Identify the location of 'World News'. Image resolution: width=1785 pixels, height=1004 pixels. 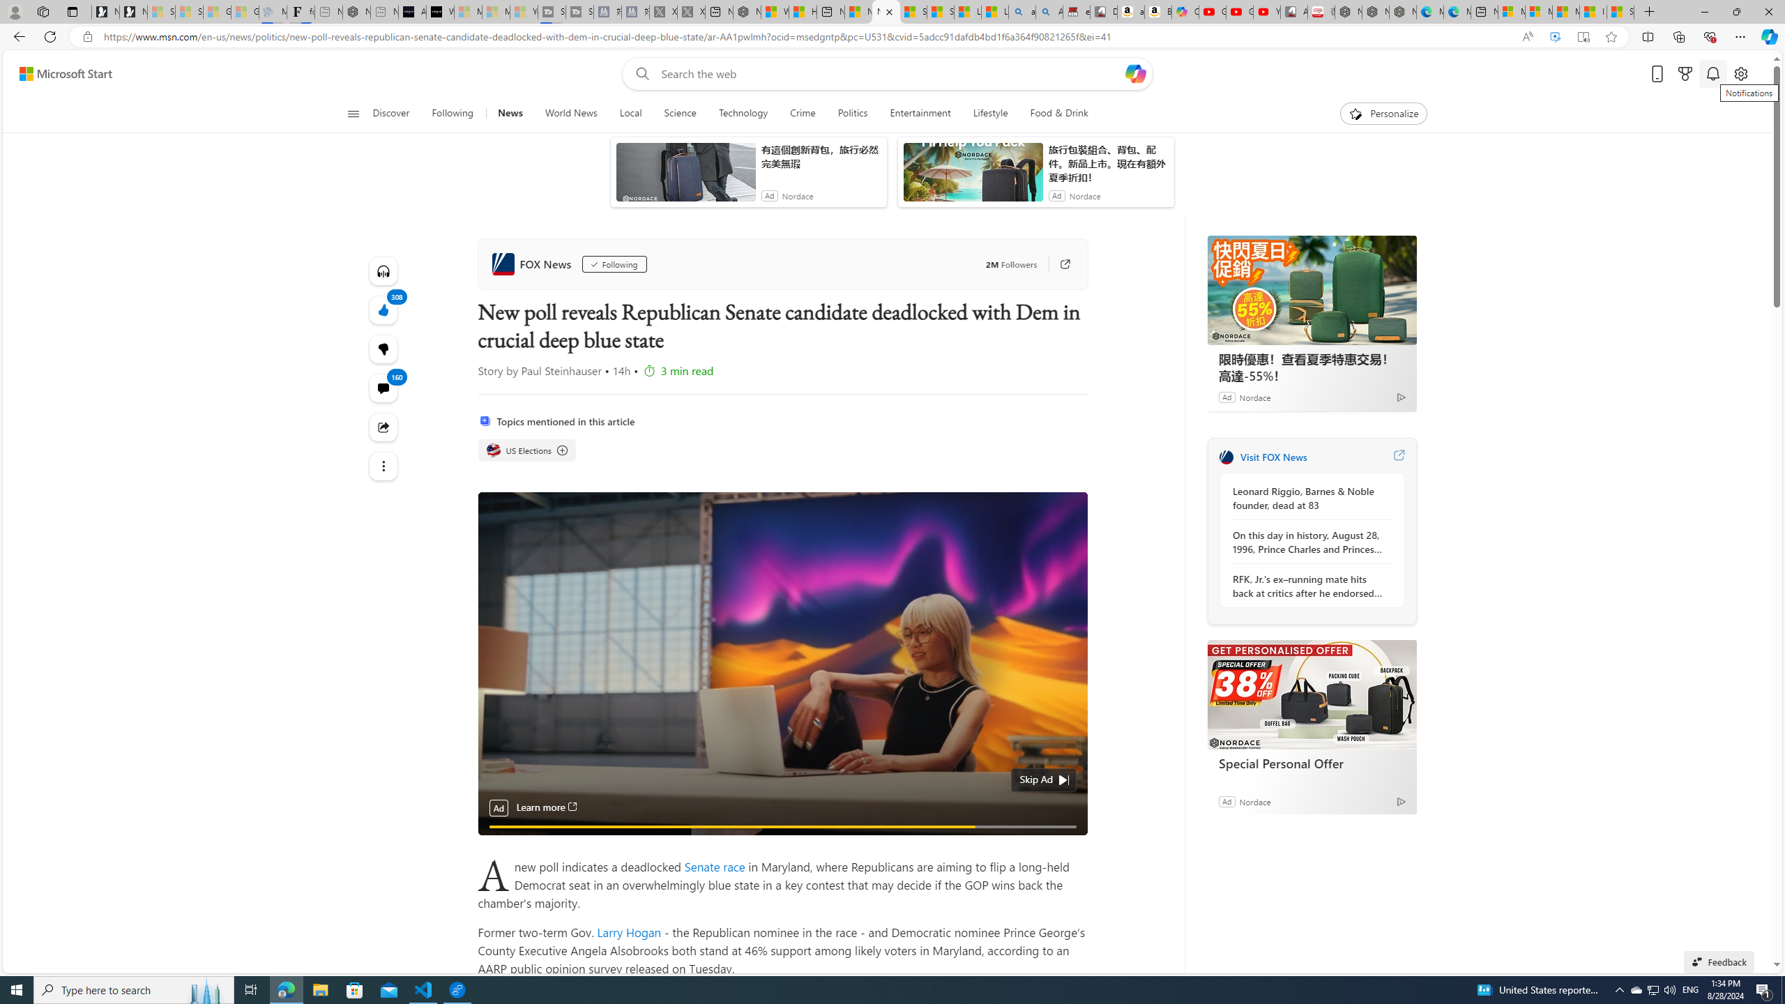
(571, 113).